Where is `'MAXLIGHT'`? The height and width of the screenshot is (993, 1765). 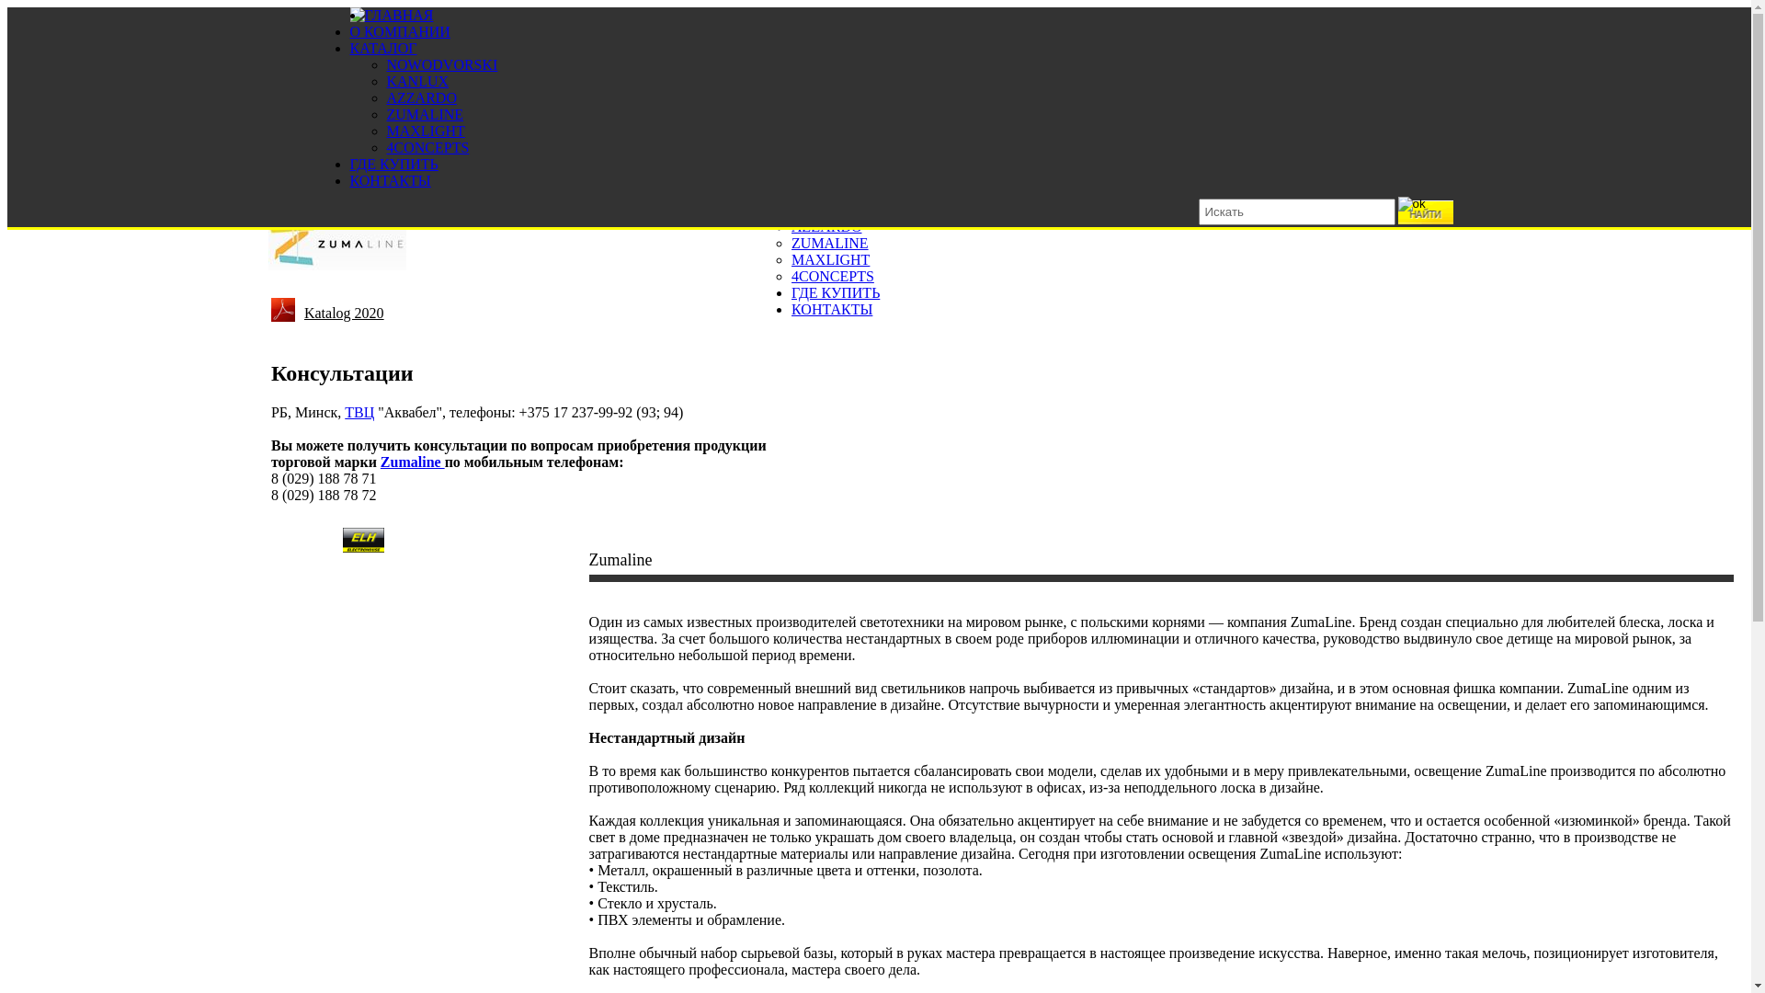 'MAXLIGHT' is located at coordinates (829, 259).